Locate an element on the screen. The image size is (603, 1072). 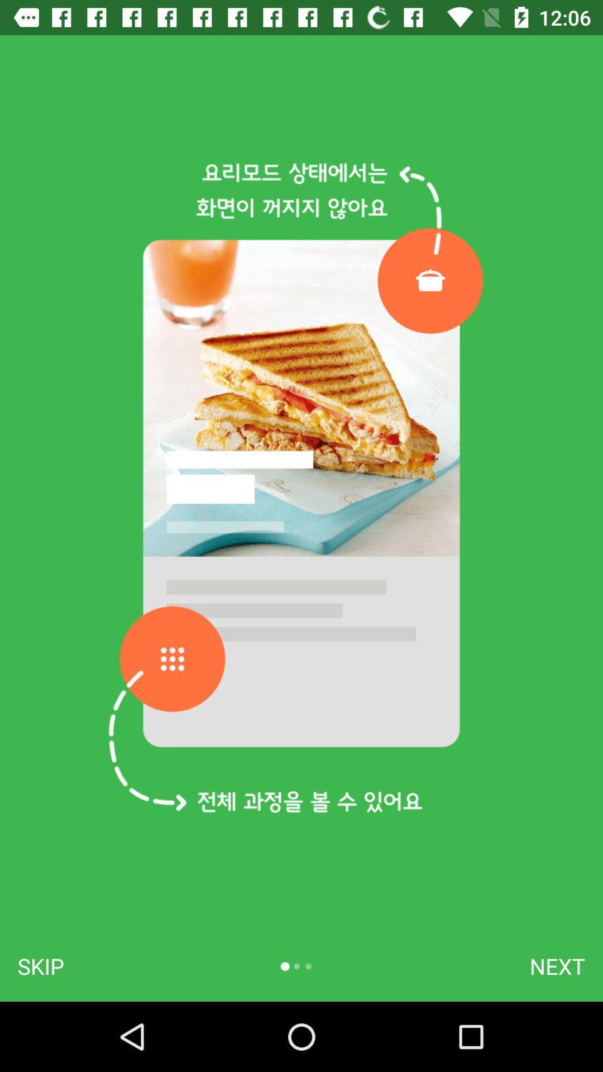
next is located at coordinates (557, 966).